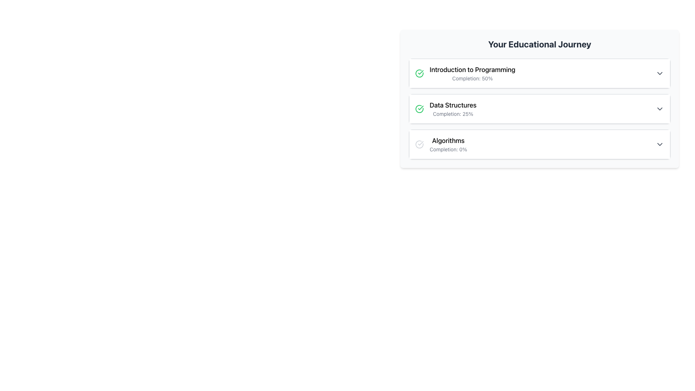 Image resolution: width=695 pixels, height=391 pixels. I want to click on the status representation icon indicating the completion of the 'Data Structures' course, located to the left of the text 'Data Structures', so click(419, 109).